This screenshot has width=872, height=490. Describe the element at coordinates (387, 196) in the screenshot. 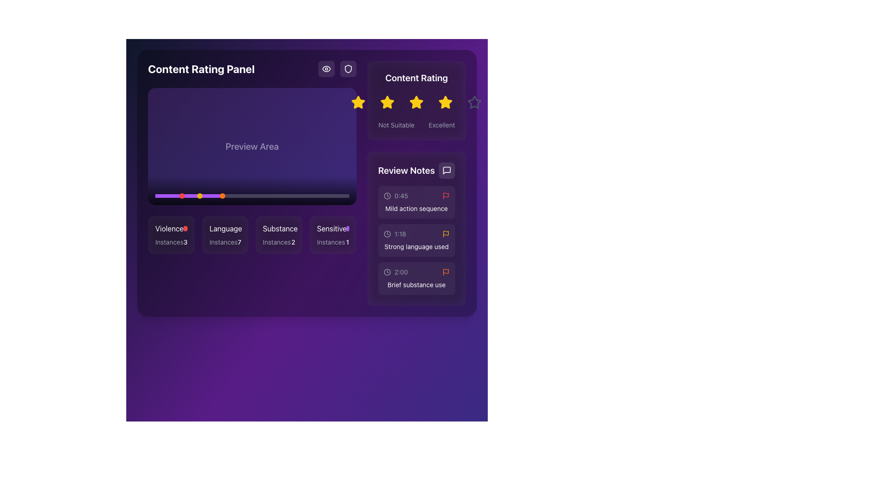

I see `the clock icon with a circular outline and clock hands located in the 'Review Notes' section, preceding the timestamp '0:45'` at that location.